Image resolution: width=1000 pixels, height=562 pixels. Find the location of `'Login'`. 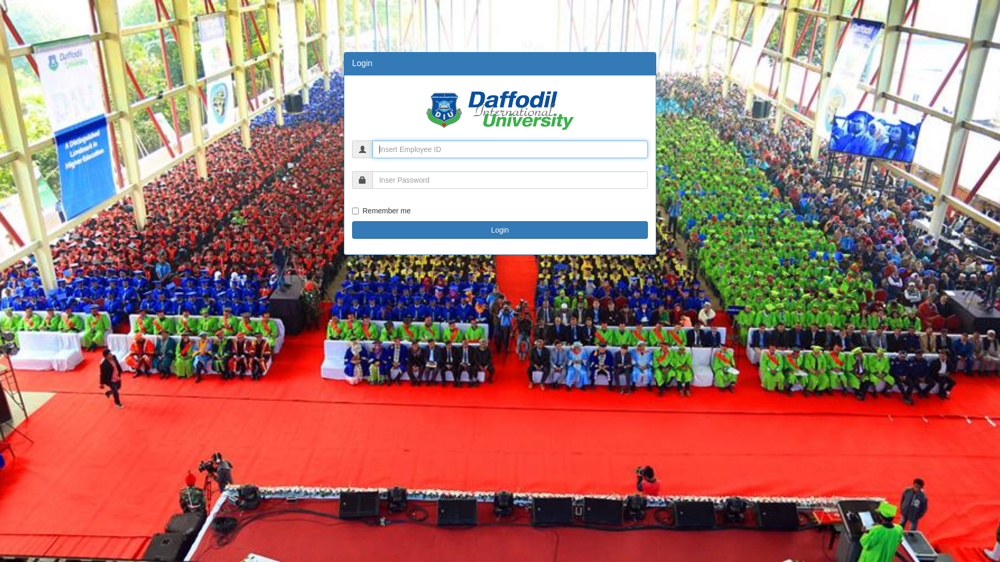

'Login' is located at coordinates (500, 229).